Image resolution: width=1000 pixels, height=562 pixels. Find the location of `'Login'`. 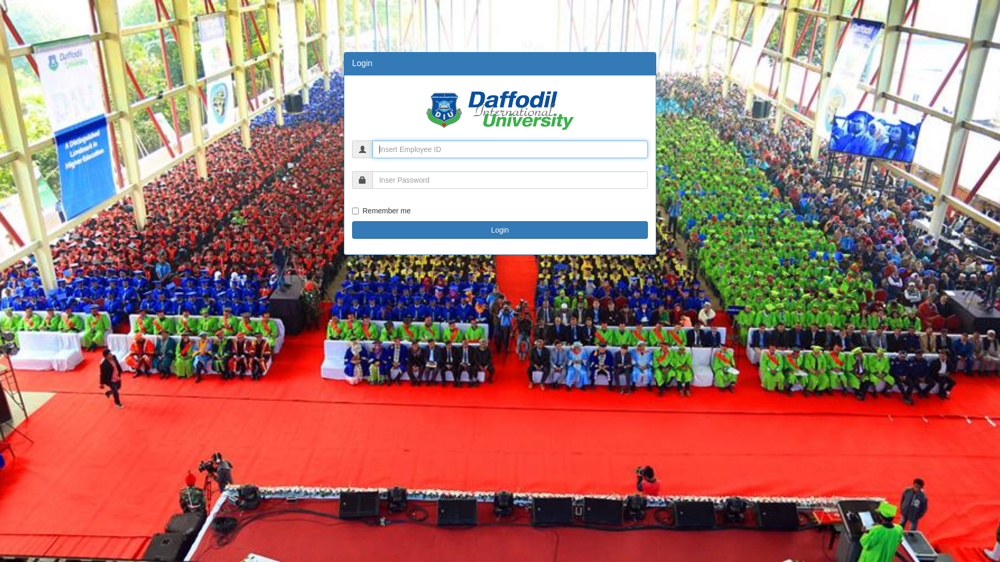

'Login' is located at coordinates (500, 229).